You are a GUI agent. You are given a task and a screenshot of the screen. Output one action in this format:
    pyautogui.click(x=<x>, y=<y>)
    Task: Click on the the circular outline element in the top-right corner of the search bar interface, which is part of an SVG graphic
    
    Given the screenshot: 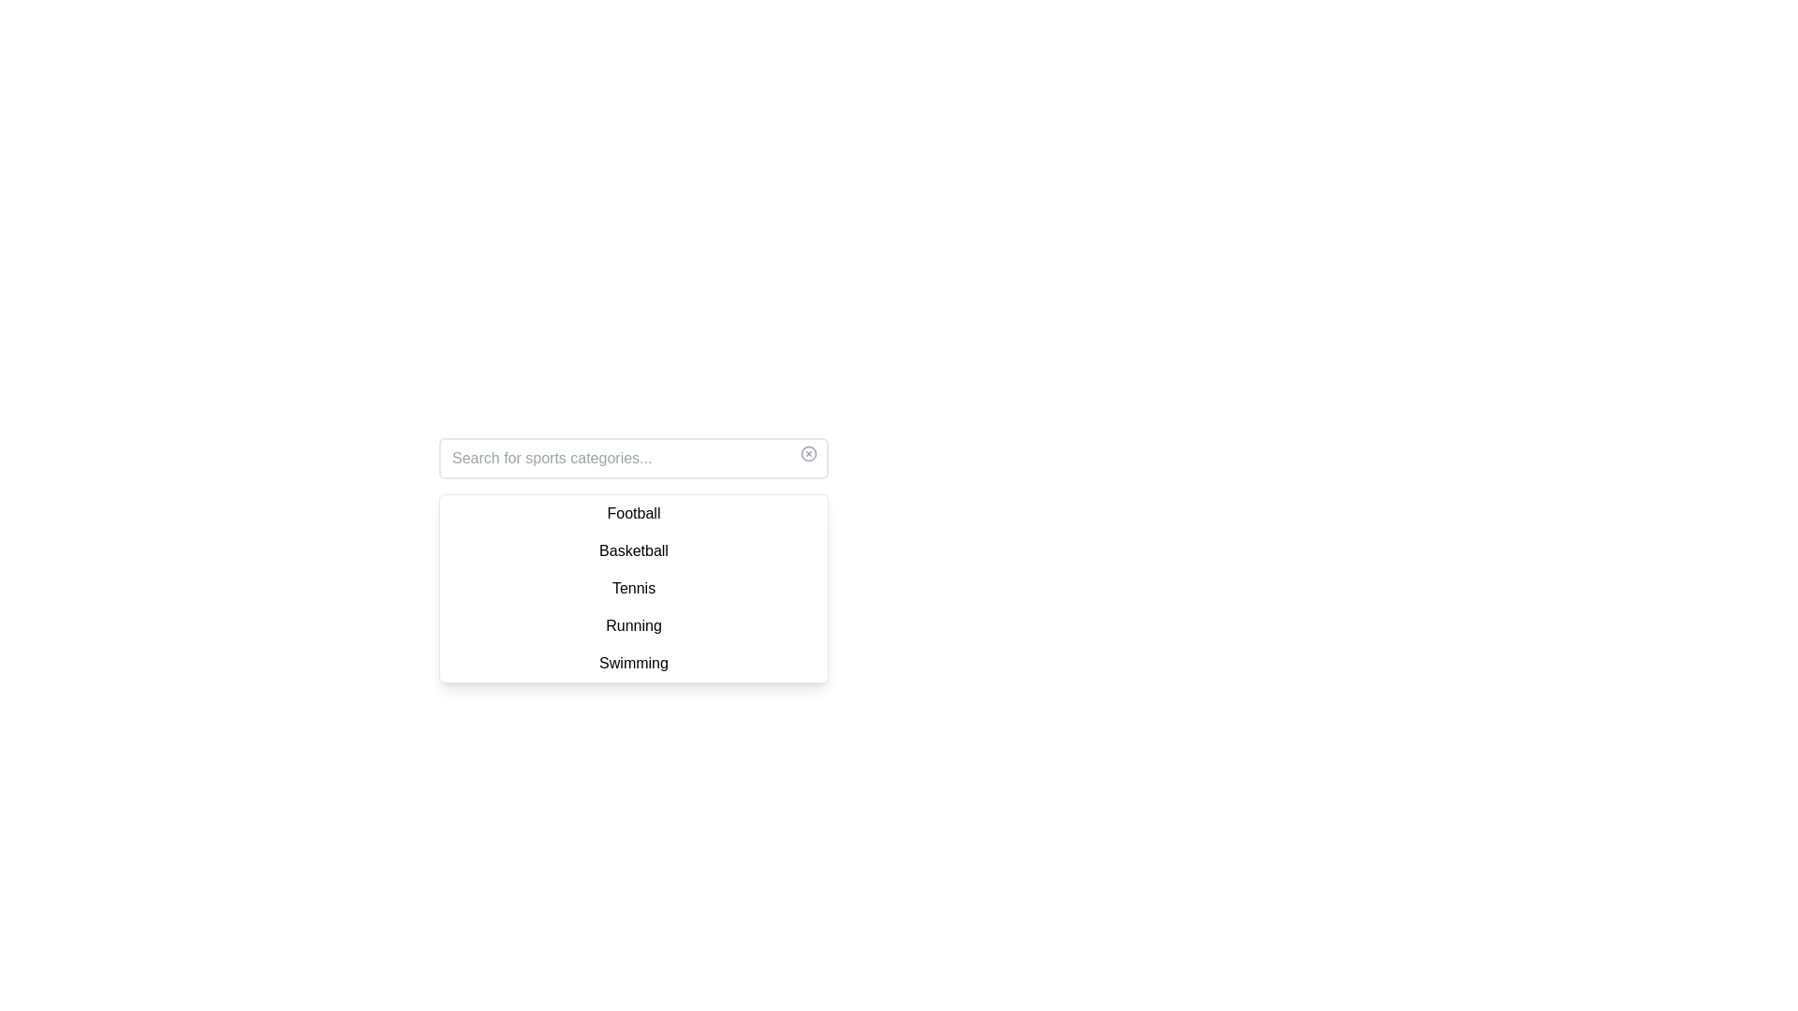 What is the action you would take?
    pyautogui.click(x=809, y=454)
    